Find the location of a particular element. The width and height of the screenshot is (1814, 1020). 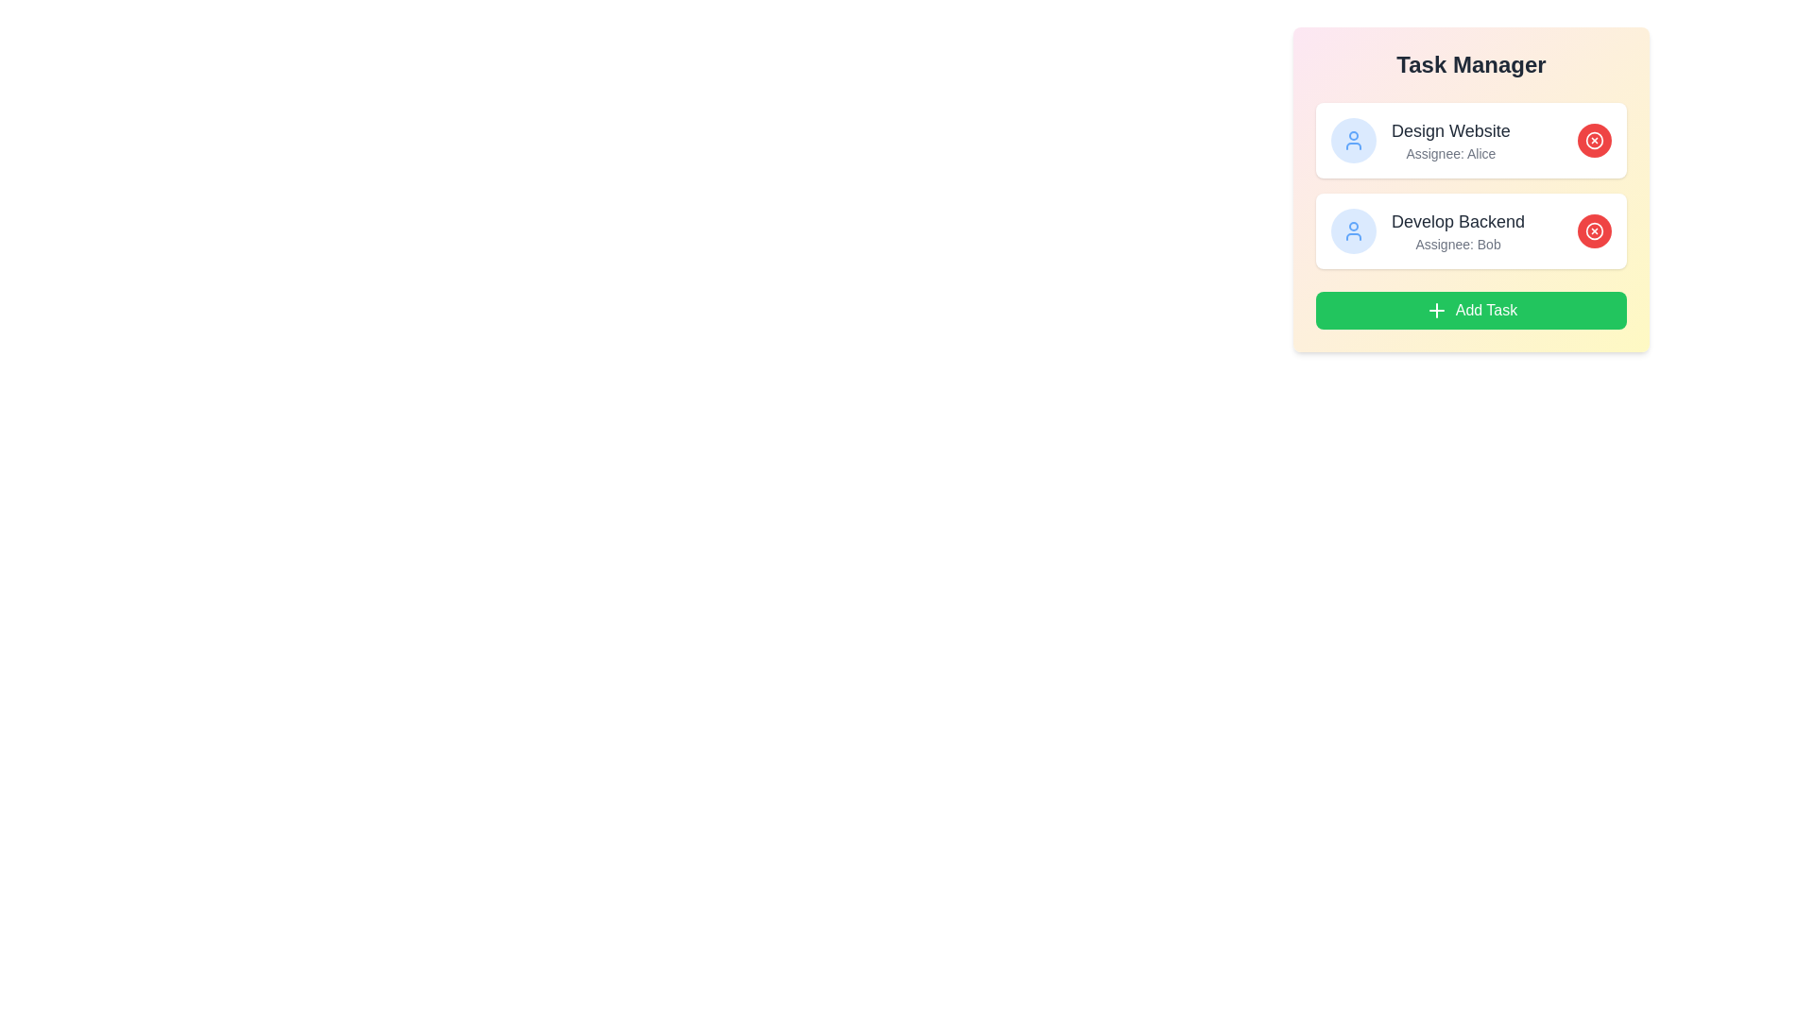

the SVG Icon representing the user associated with the task 'Develop Backend' is located at coordinates (1353, 140).